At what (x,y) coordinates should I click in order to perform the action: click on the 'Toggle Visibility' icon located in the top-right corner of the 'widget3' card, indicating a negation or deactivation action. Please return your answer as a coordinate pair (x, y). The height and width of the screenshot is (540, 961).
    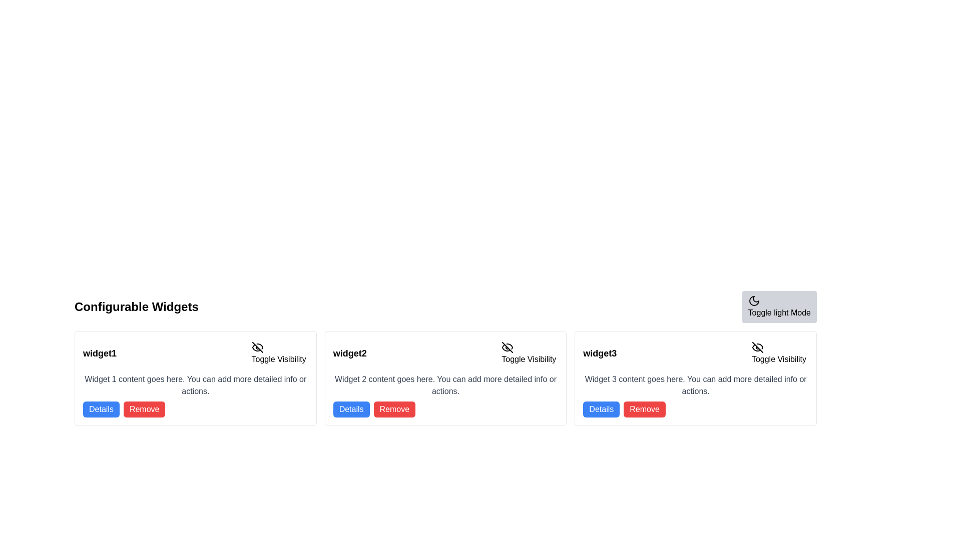
    Looking at the image, I should click on (757, 346).